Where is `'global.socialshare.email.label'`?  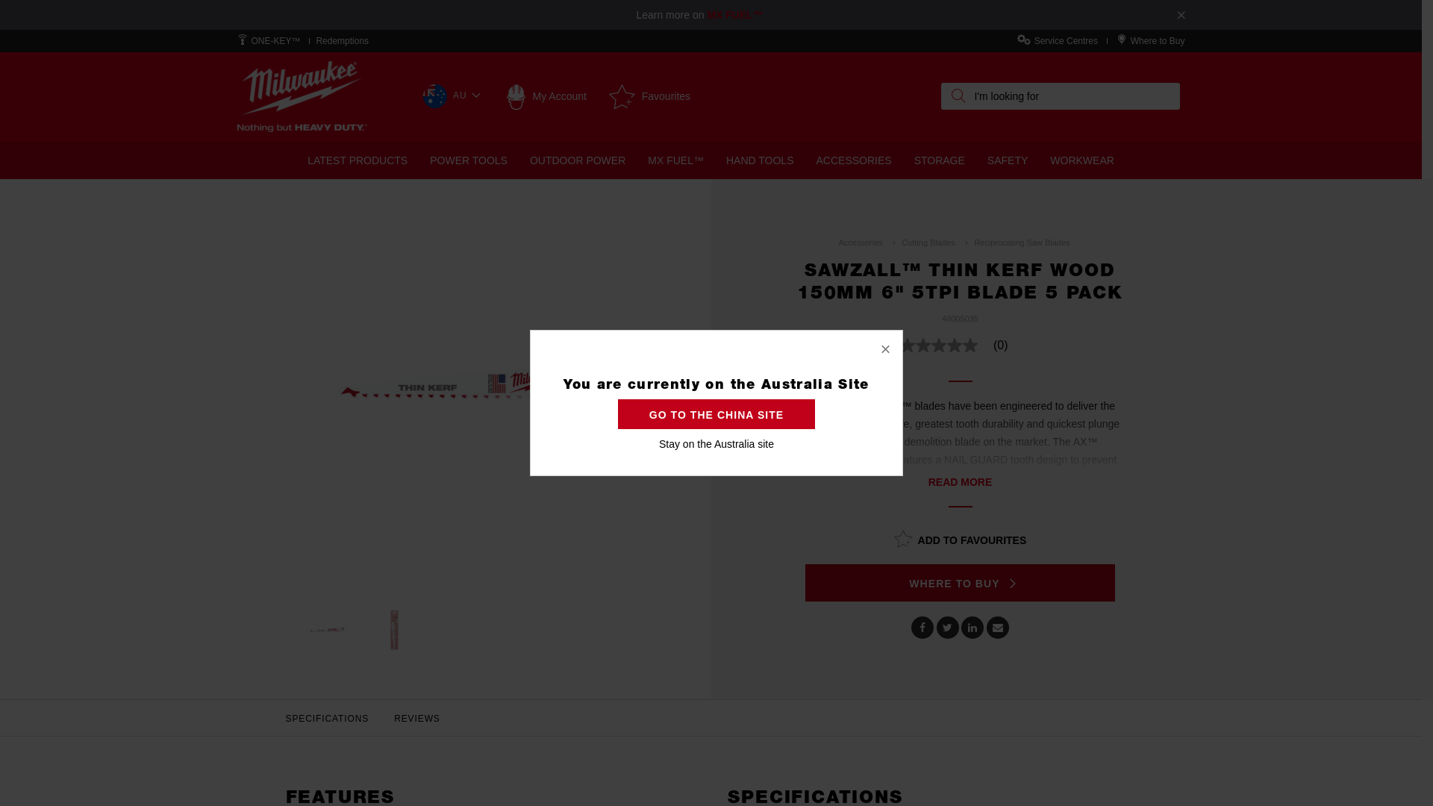
'global.socialshare.email.label' is located at coordinates (998, 627).